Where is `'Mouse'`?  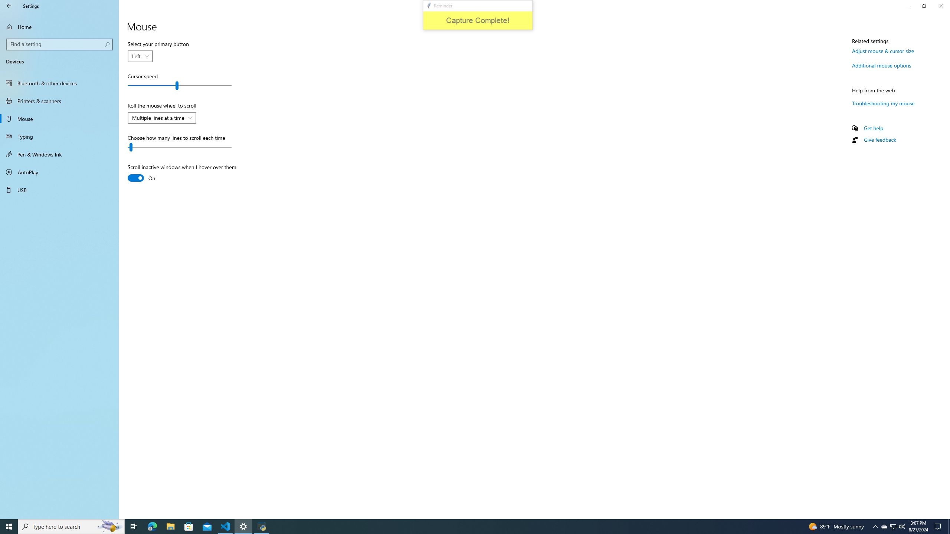 'Mouse' is located at coordinates (59, 118).